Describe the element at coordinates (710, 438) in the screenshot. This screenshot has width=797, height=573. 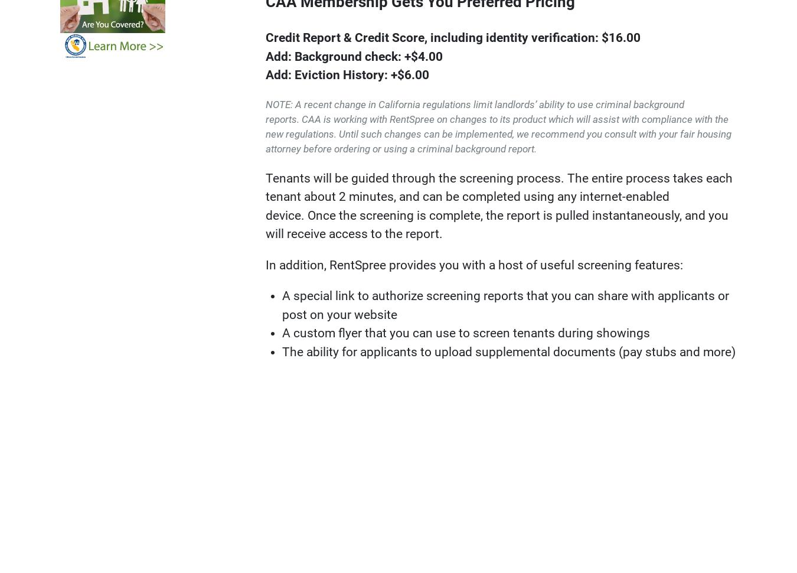
I see `'Accessibility'` at that location.